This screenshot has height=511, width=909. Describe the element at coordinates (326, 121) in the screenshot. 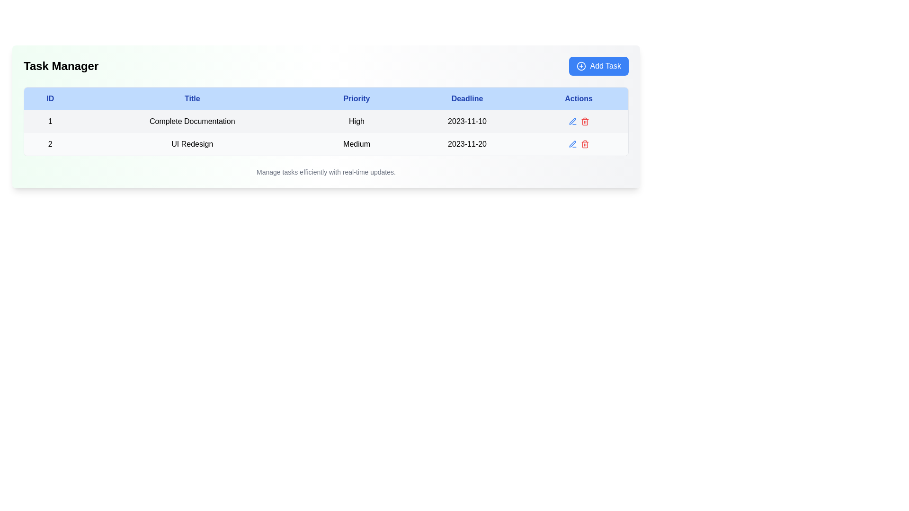

I see `the clickable elements inside the first row of the Task Manager table, which contains columns for ID, Title, Priority, Deadline, and Actions` at that location.